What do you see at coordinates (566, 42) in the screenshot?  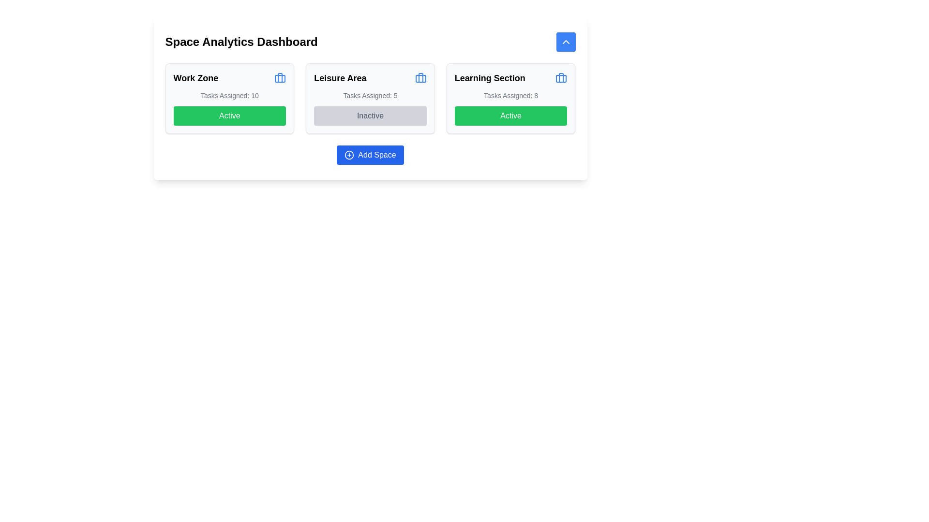 I see `the upward-facing chevron icon outlined with a black stroke on a blue circular background, located in the top-right corner above the 'Learning Section' card` at bounding box center [566, 42].